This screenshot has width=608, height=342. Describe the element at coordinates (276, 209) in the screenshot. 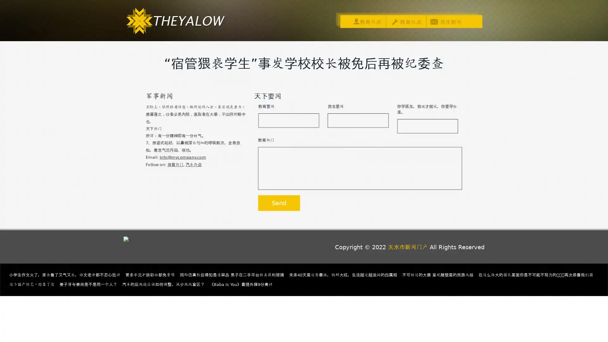

I see `Send` at that location.